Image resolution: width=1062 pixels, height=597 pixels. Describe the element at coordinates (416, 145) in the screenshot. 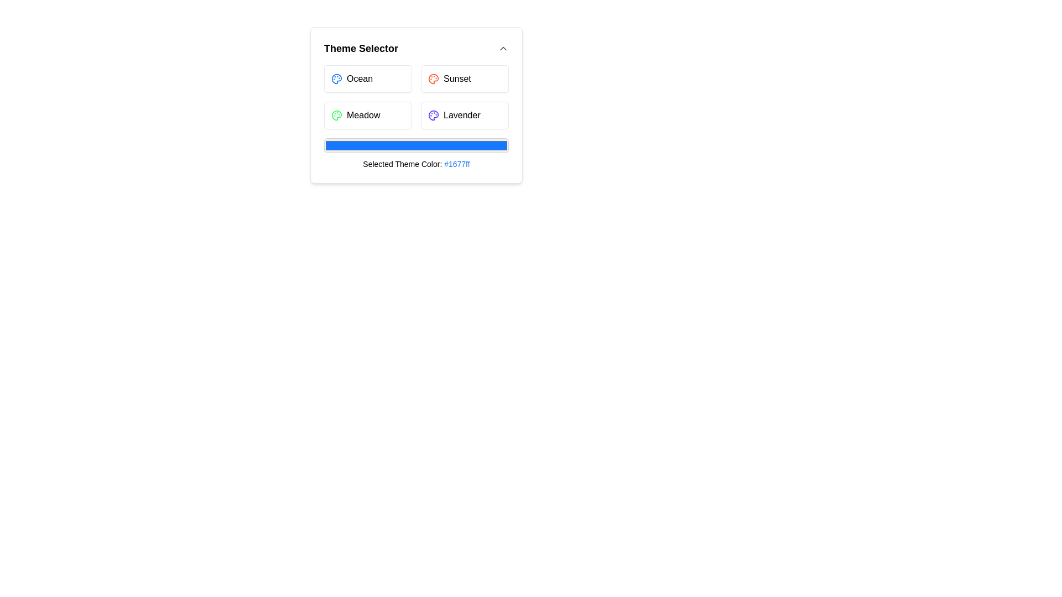

I see `the color input picker, which is a horizontally-oriented rectangular color selector with a strong blue shade, located below the text 'Selected Theme Color: #1677ff'` at that location.